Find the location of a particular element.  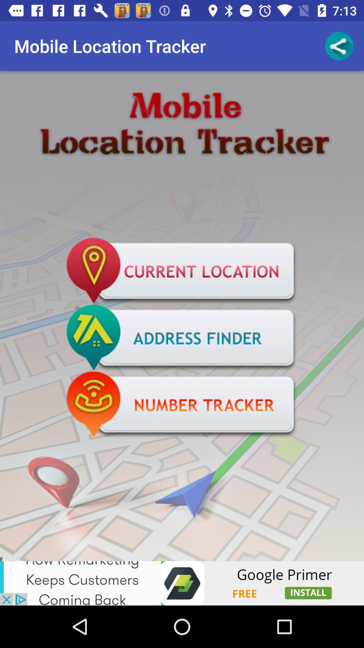

advertisement is located at coordinates (182, 271).